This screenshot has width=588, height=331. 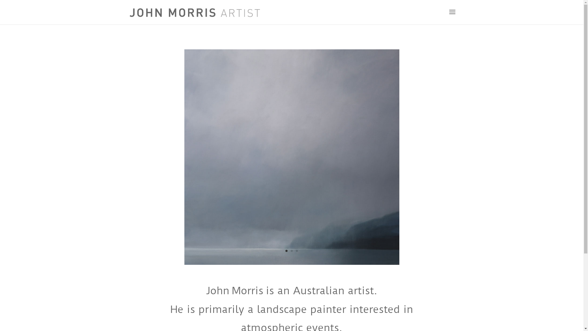 What do you see at coordinates (291, 251) in the screenshot?
I see `'2'` at bounding box center [291, 251].